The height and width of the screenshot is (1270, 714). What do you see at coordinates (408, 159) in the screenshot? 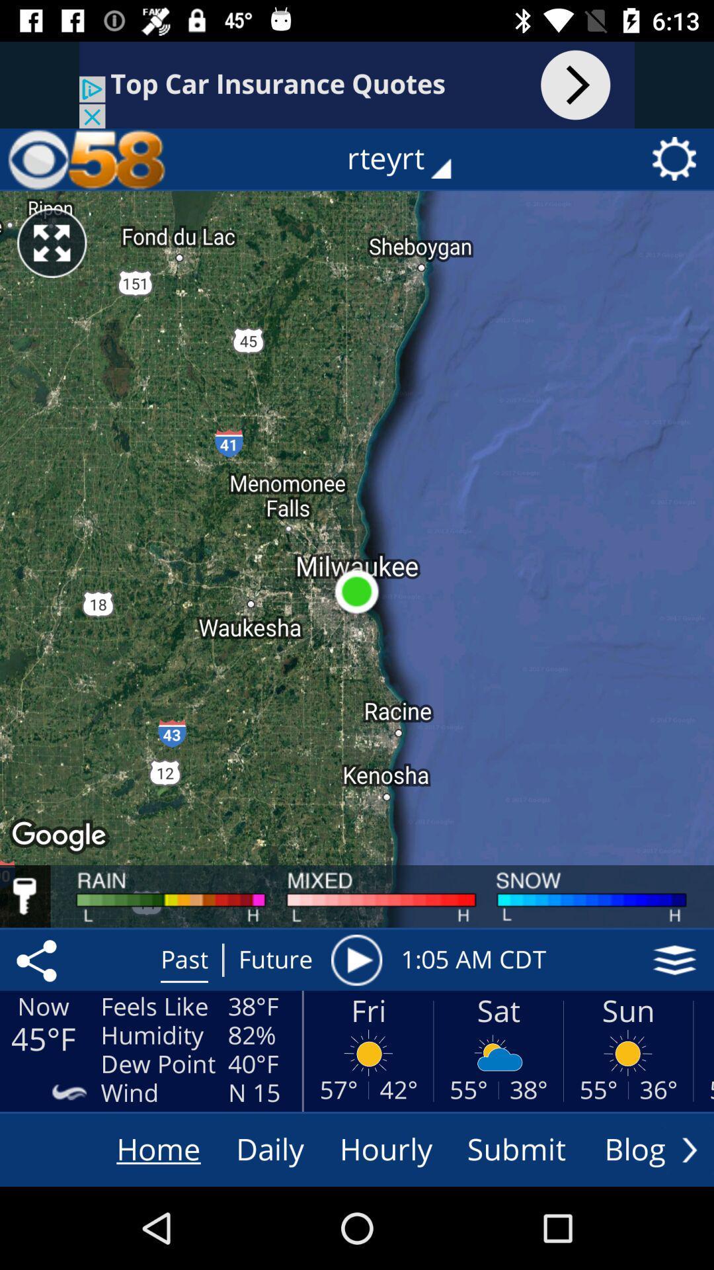
I see `the rteyrt icon` at bounding box center [408, 159].